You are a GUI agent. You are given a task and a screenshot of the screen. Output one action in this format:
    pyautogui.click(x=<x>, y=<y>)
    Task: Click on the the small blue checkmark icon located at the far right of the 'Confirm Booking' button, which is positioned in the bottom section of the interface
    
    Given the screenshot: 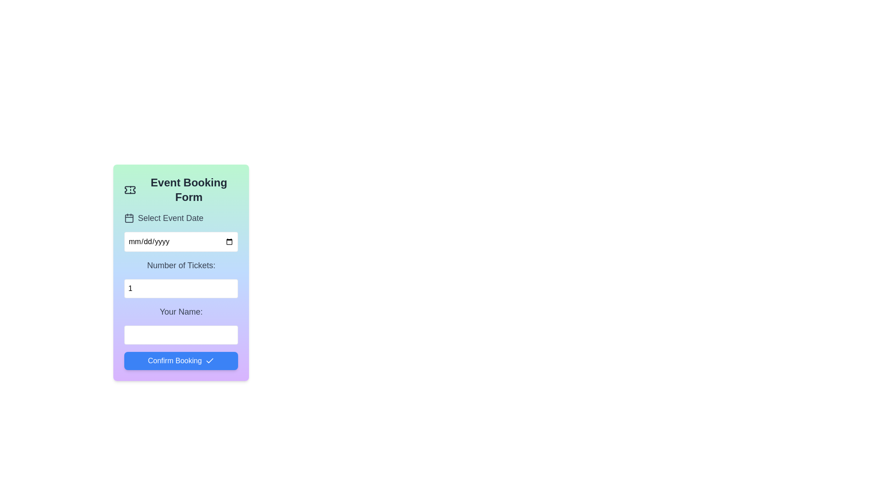 What is the action you would take?
    pyautogui.click(x=209, y=361)
    